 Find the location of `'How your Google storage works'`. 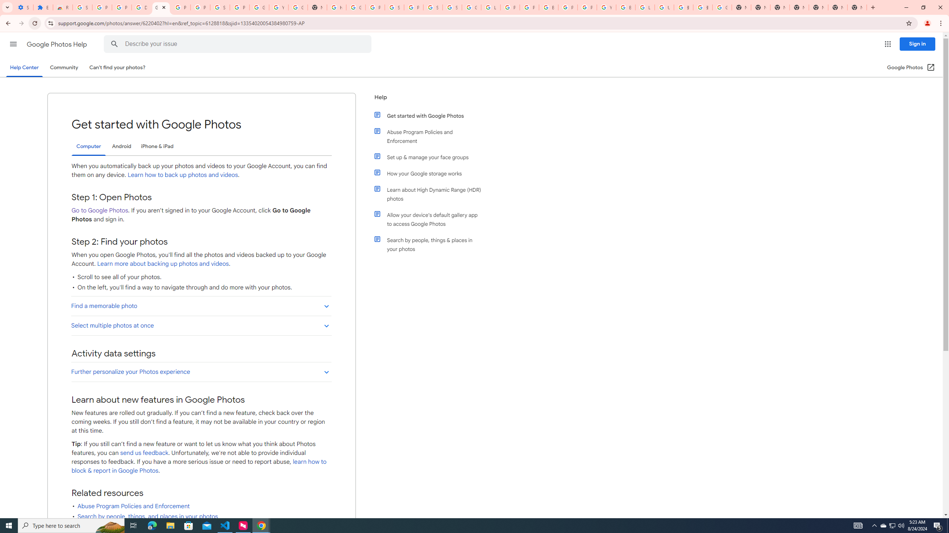

'How your Google storage works' is located at coordinates (431, 173).